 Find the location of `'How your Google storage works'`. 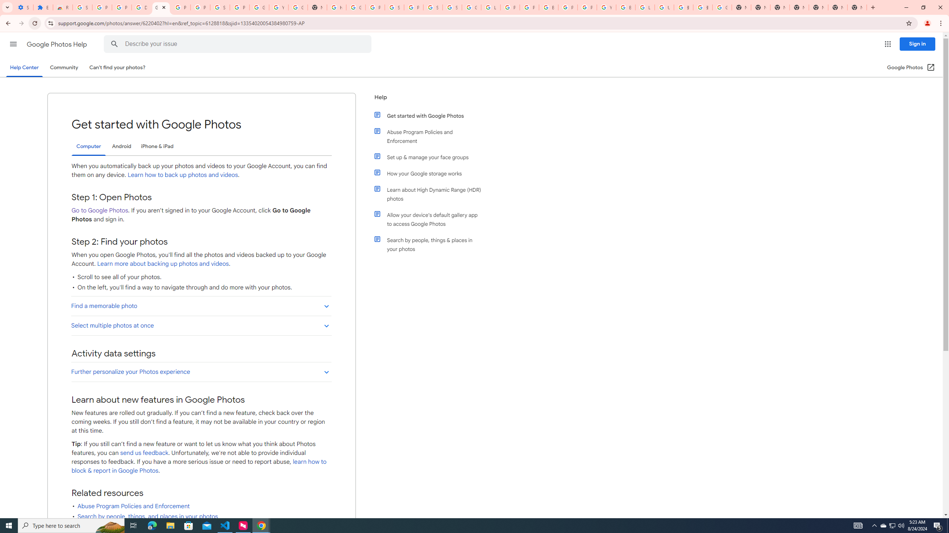

'How your Google storage works' is located at coordinates (431, 173).